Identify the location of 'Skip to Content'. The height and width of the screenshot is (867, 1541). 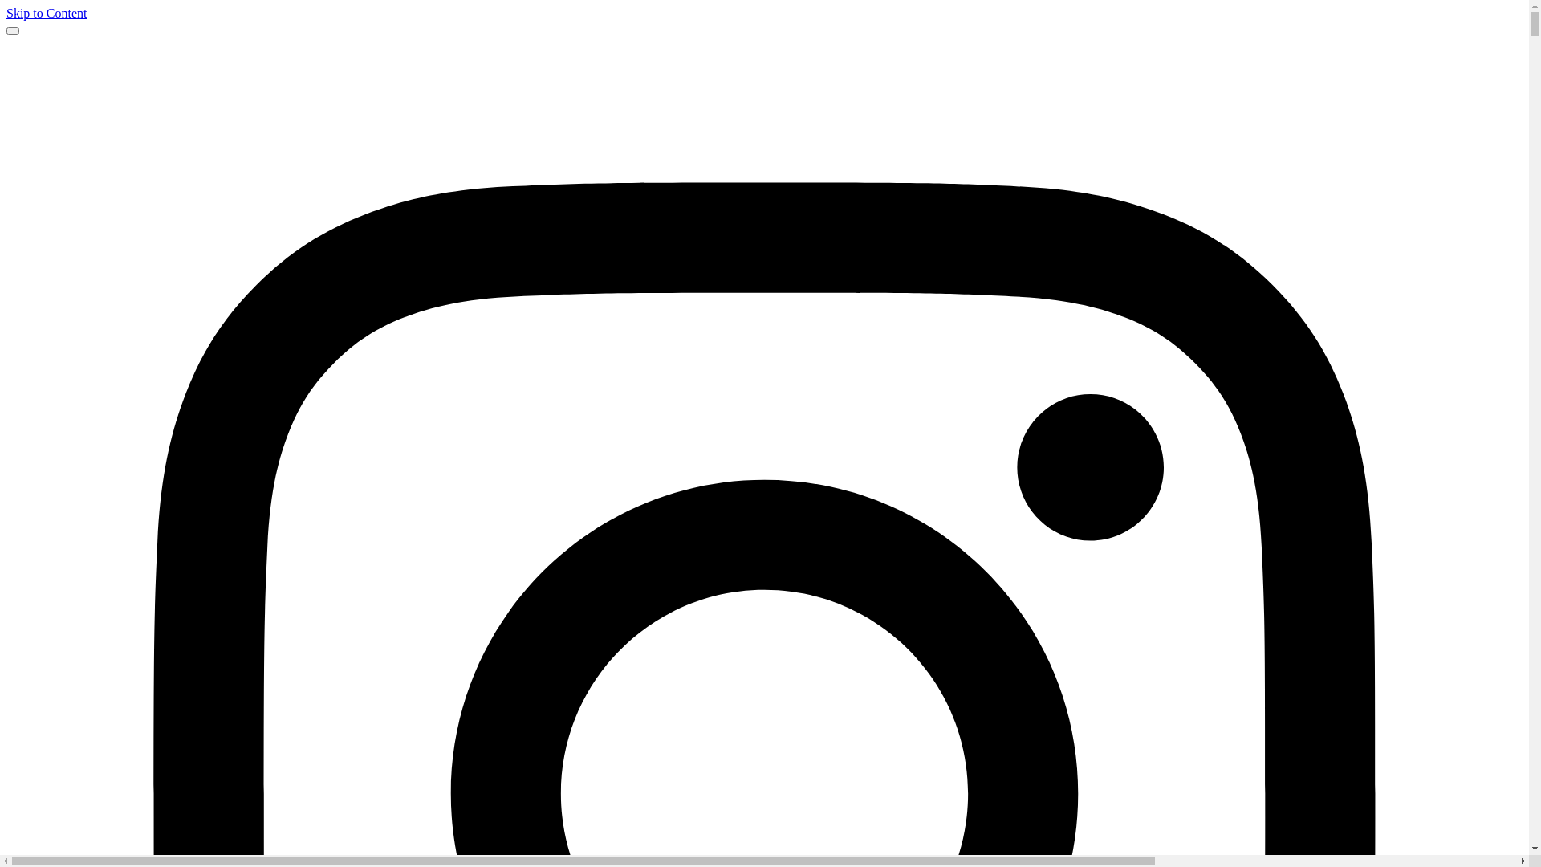
(46, 13).